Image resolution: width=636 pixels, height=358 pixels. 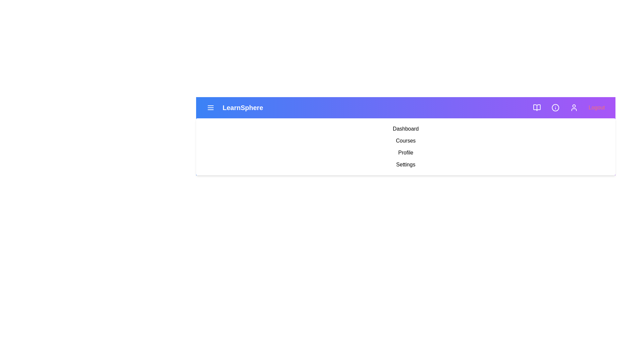 What do you see at coordinates (597, 107) in the screenshot?
I see `the logout button to log out` at bounding box center [597, 107].